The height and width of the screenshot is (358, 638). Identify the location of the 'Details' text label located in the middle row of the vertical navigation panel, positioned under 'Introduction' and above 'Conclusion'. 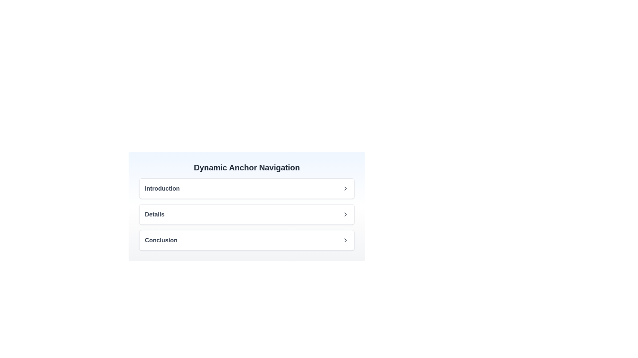
(154, 214).